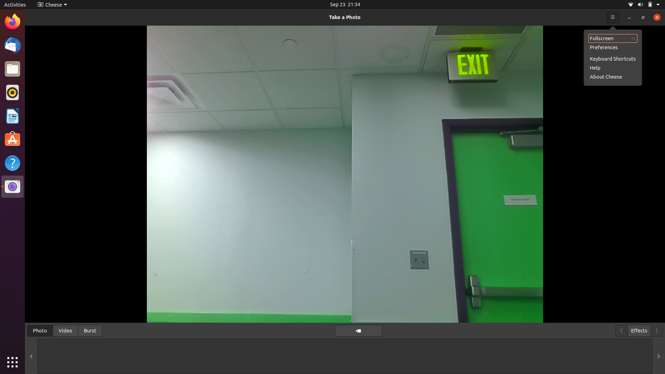 The image size is (665, 374). What do you see at coordinates (51, 4) in the screenshot?
I see `Navigate through the different options available in Cheese camera` at bounding box center [51, 4].